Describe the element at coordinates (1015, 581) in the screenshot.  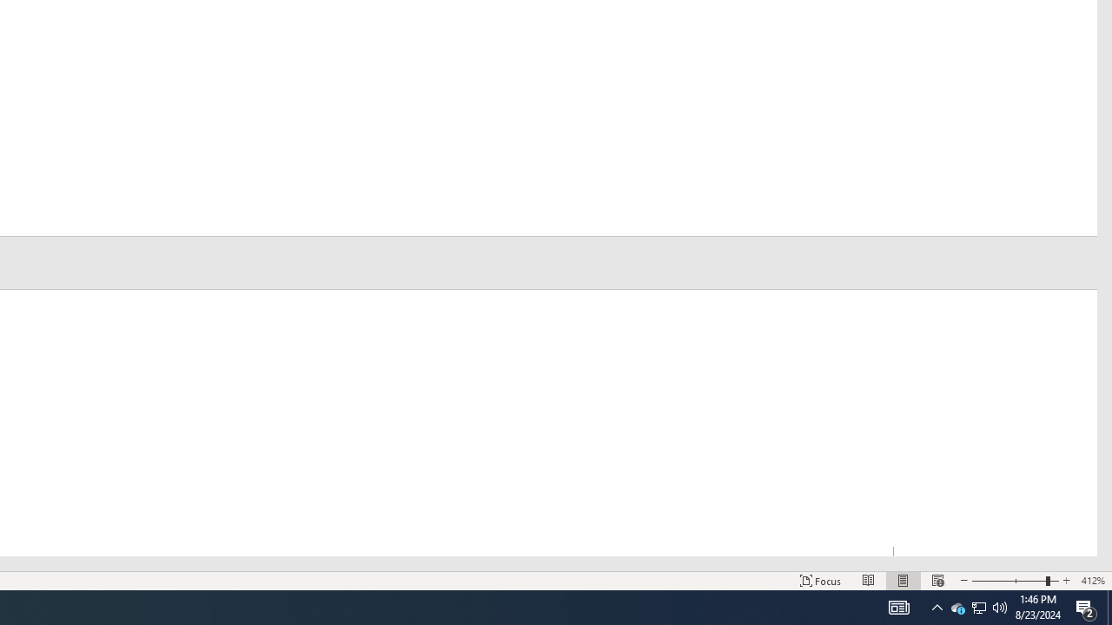
I see `'Zoom'` at that location.